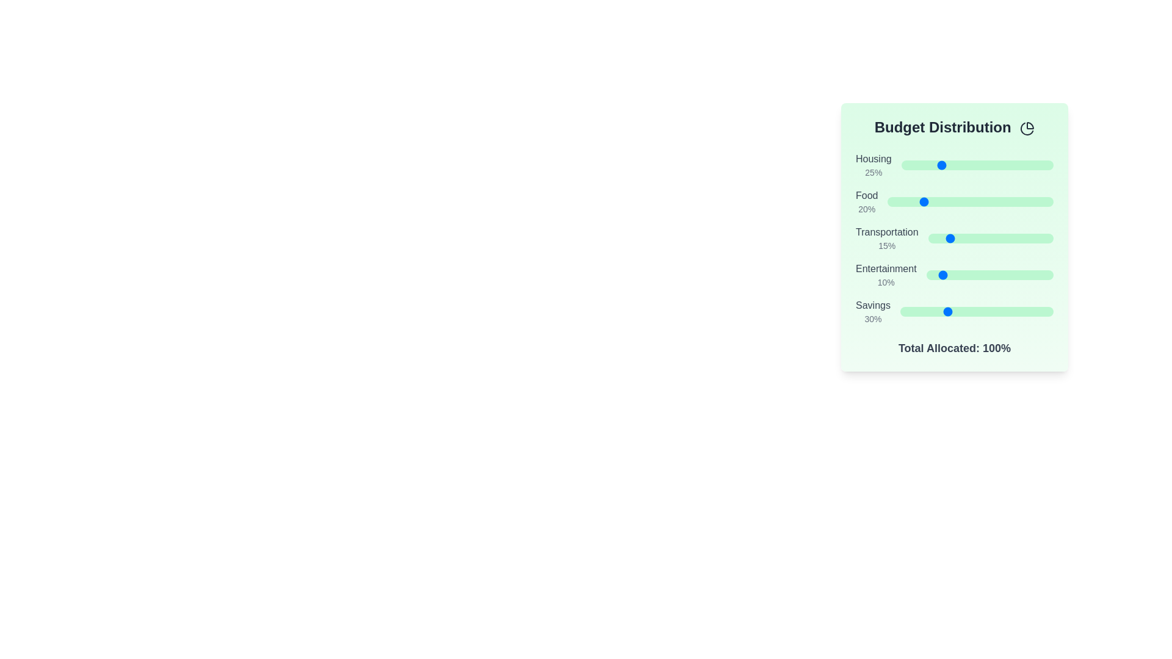  Describe the element at coordinates (1000, 201) in the screenshot. I see `the 'Food' slider to set its value to 68` at that location.